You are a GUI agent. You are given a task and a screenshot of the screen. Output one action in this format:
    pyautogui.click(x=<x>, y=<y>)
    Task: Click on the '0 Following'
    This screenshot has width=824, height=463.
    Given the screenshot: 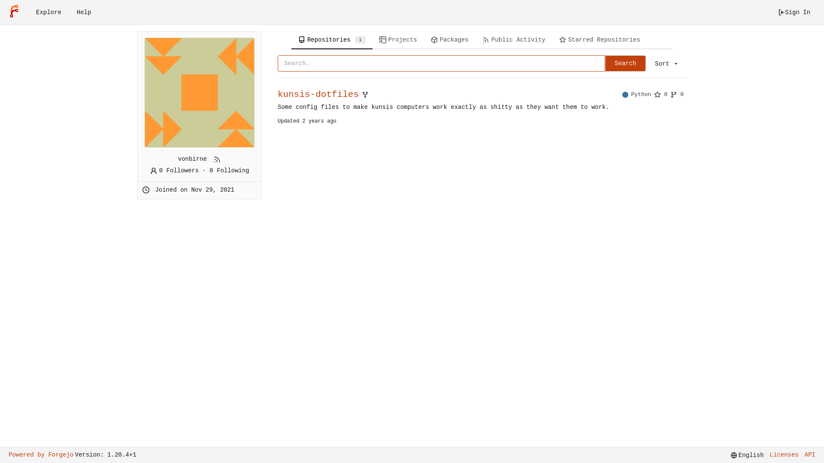 What is the action you would take?
    pyautogui.click(x=229, y=170)
    